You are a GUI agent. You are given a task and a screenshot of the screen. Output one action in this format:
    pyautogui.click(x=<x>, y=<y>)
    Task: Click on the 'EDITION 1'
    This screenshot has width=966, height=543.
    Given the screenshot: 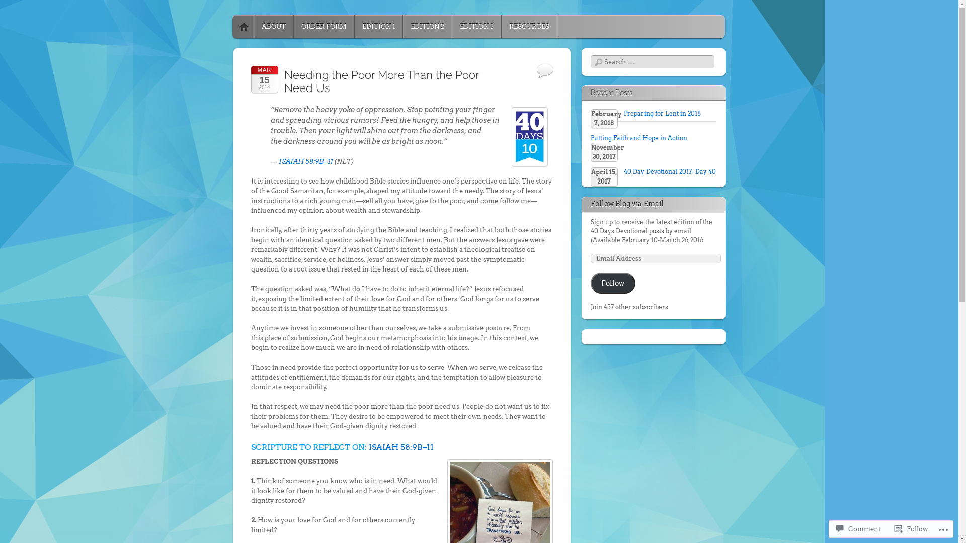 What is the action you would take?
    pyautogui.click(x=377, y=26)
    